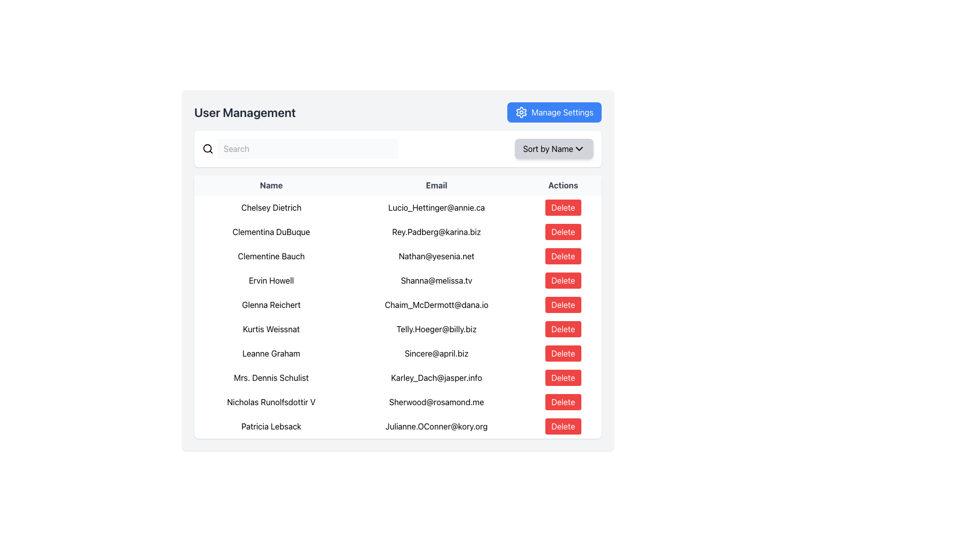 The height and width of the screenshot is (547, 974). Describe the element at coordinates (271, 232) in the screenshot. I see `the text label displaying the user's name 'Clementina DuBuque' in the second row of the user management interface, under the 'Name' column` at that location.